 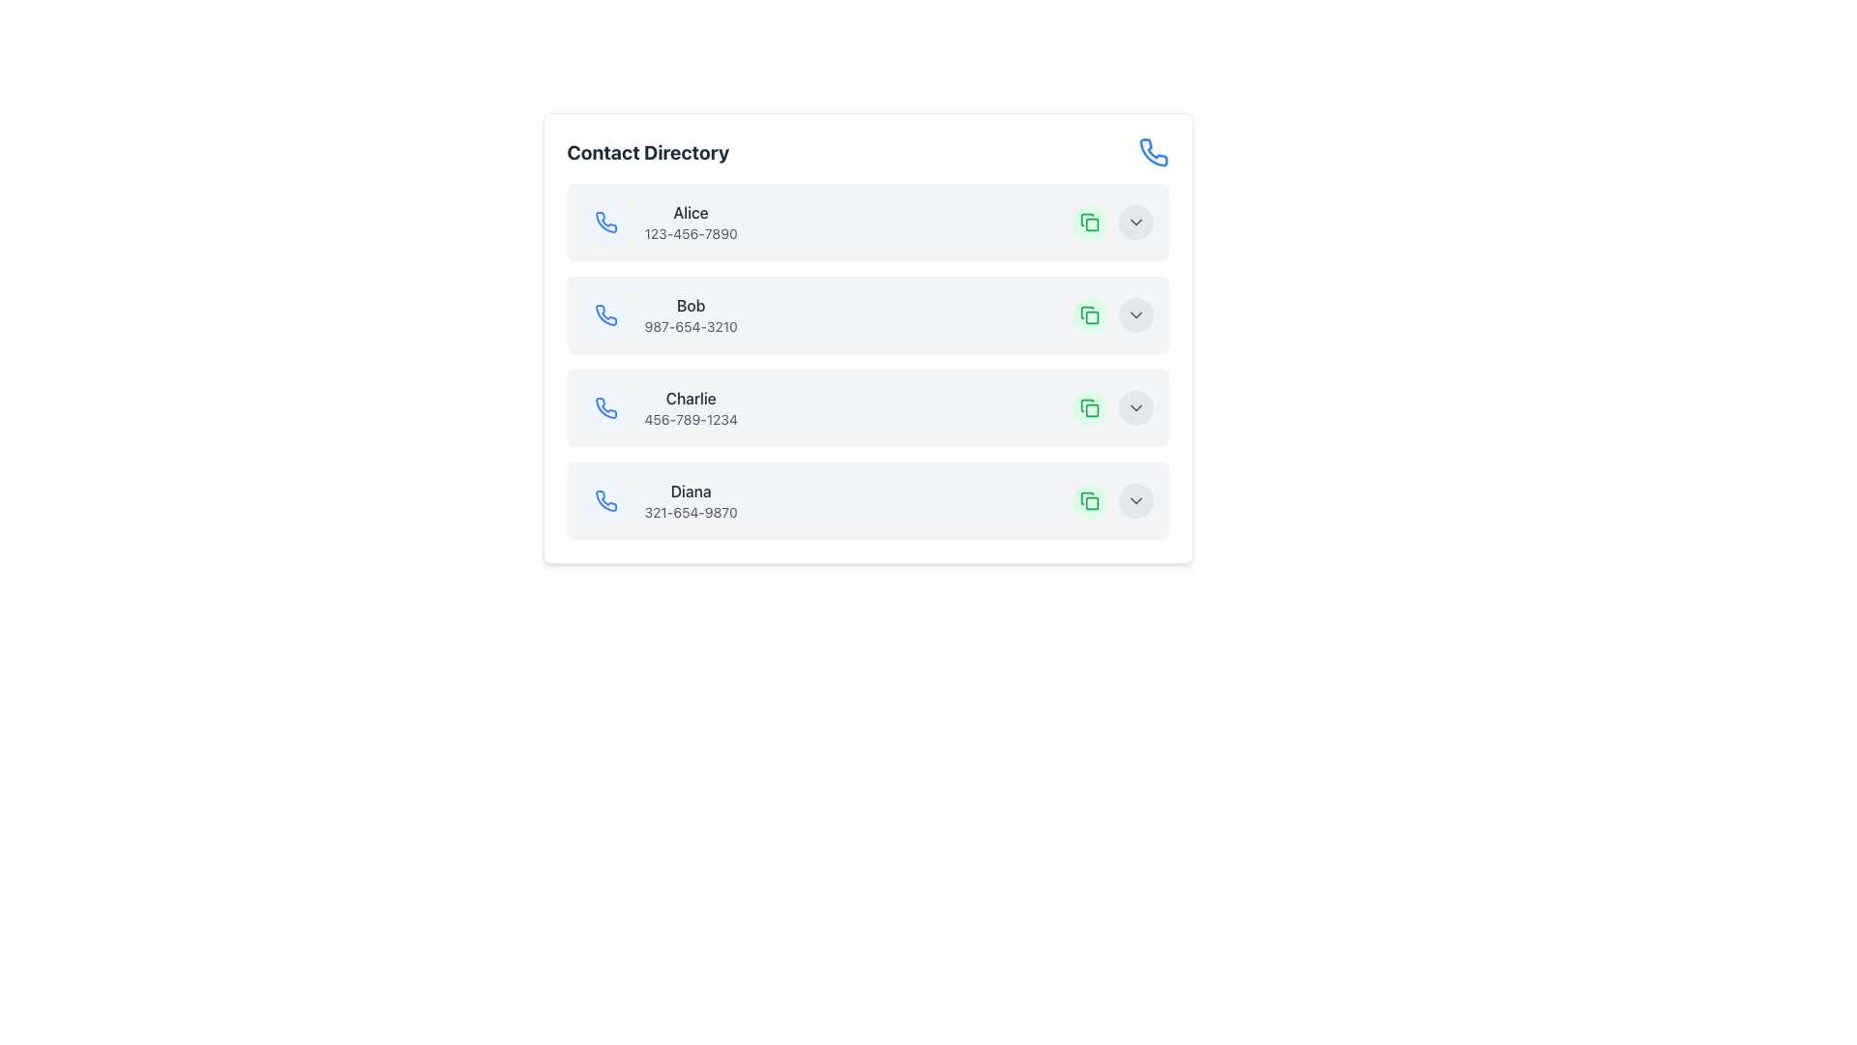 I want to click on the downward-pointing chevron icon to the far right of 'Bob' in the 'Contact Directory', so click(x=1135, y=314).